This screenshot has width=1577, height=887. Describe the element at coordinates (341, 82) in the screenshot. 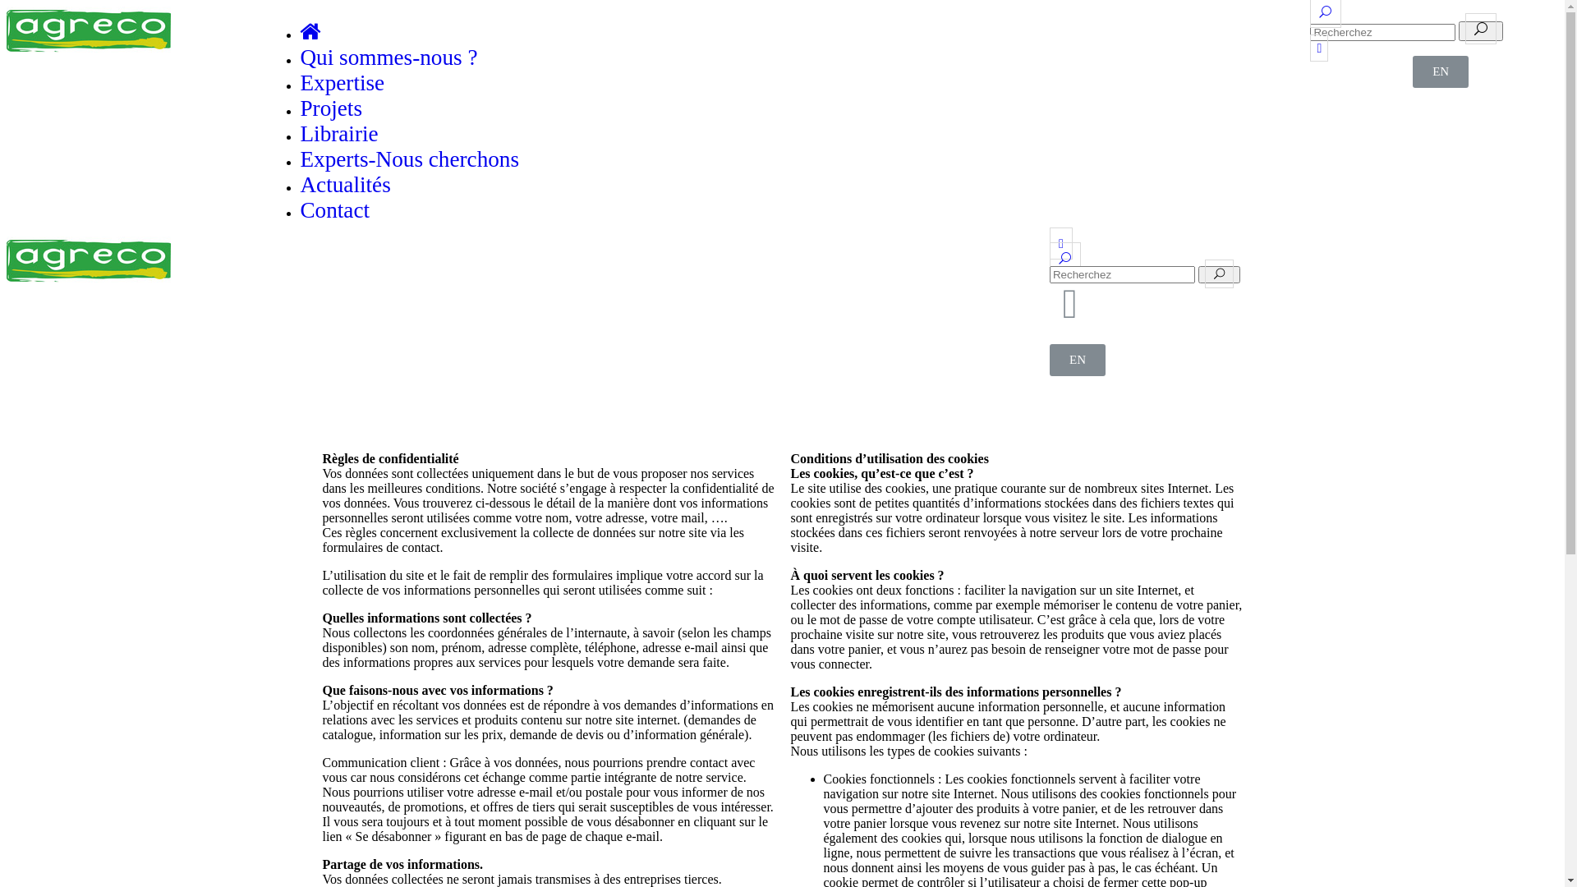

I see `'Expertise'` at that location.